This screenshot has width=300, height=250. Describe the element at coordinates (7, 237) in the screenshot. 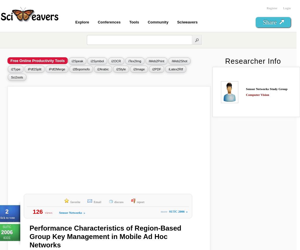

I see `'IEEE'` at that location.